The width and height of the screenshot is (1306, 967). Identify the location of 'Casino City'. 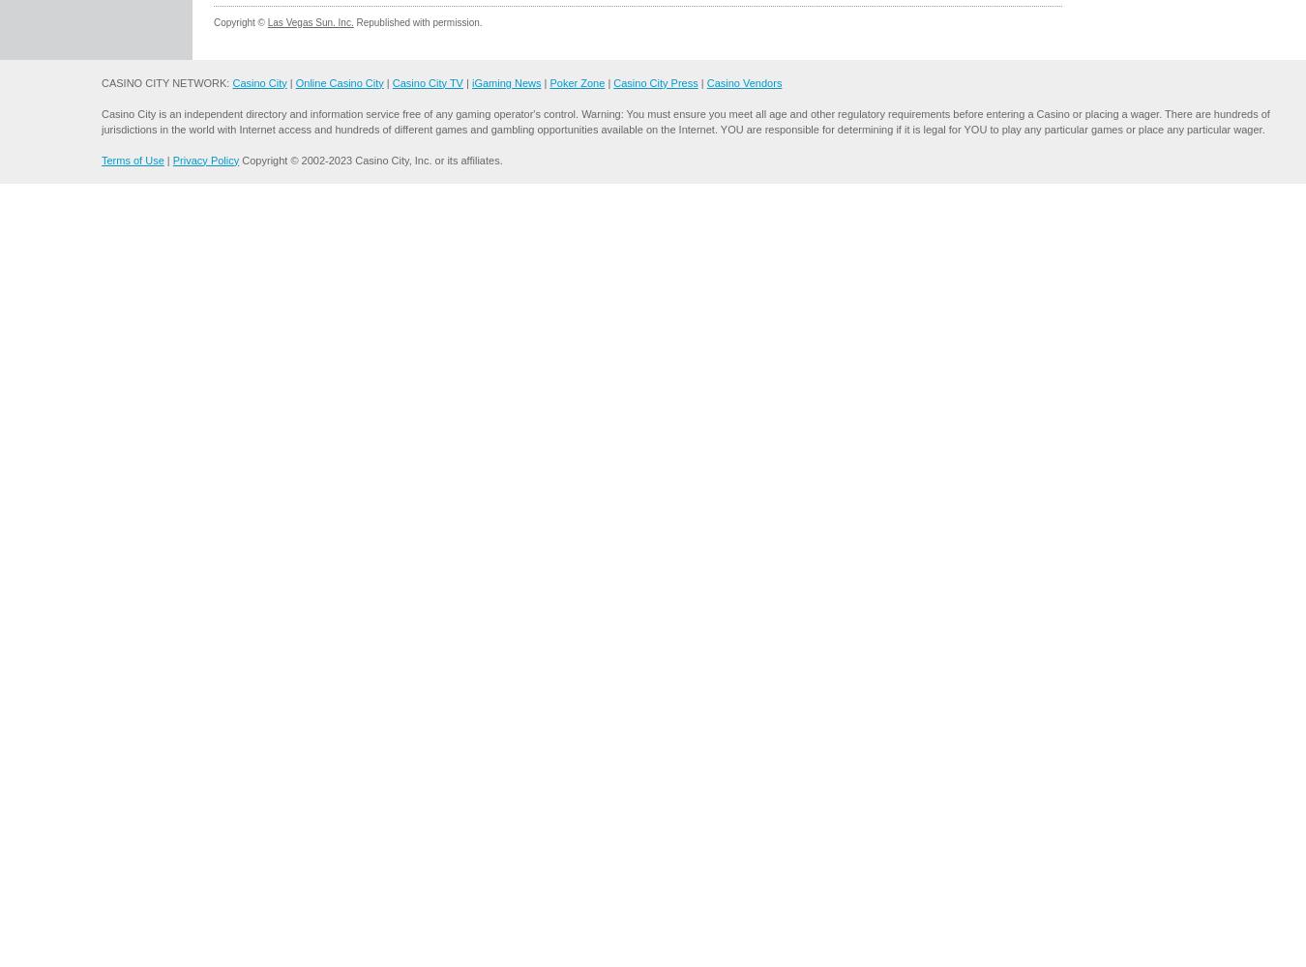
(257, 81).